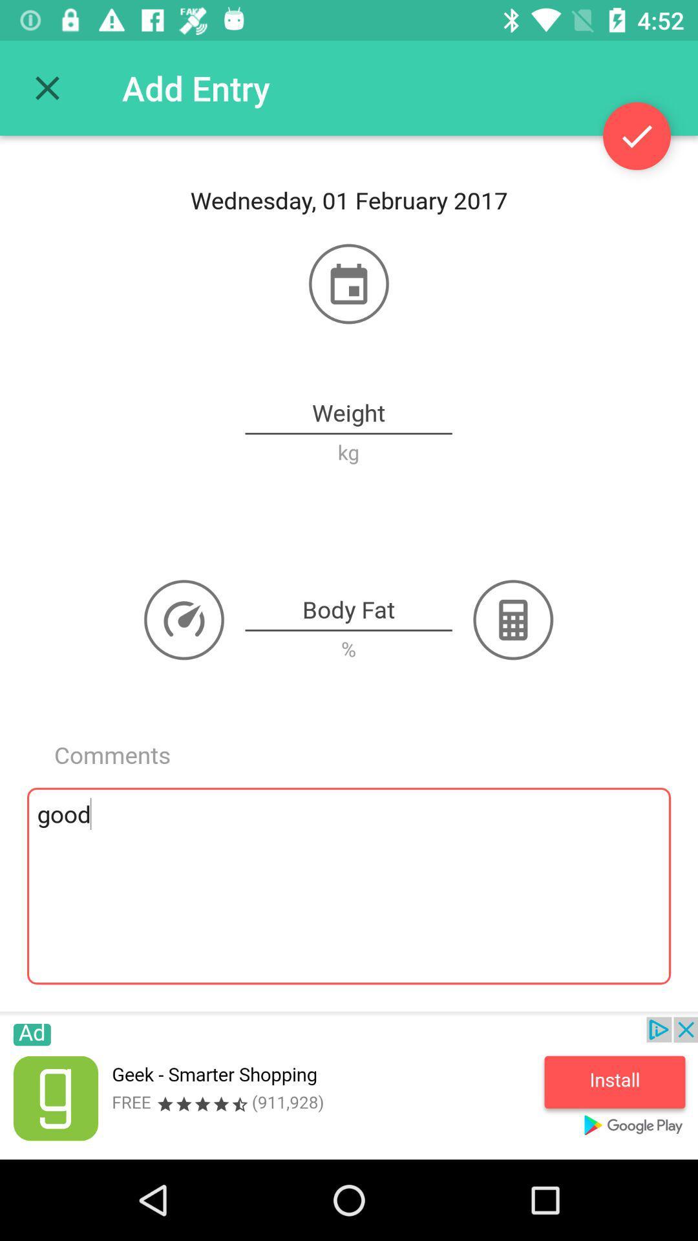  I want to click on the check icon, so click(636, 136).